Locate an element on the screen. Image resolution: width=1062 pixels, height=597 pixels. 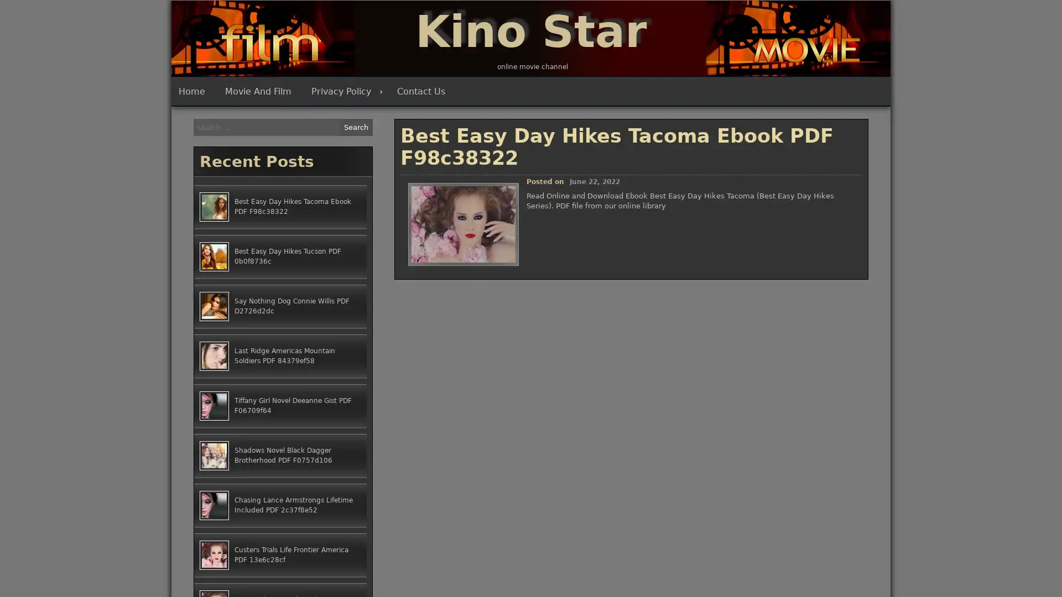
Search is located at coordinates (356, 127).